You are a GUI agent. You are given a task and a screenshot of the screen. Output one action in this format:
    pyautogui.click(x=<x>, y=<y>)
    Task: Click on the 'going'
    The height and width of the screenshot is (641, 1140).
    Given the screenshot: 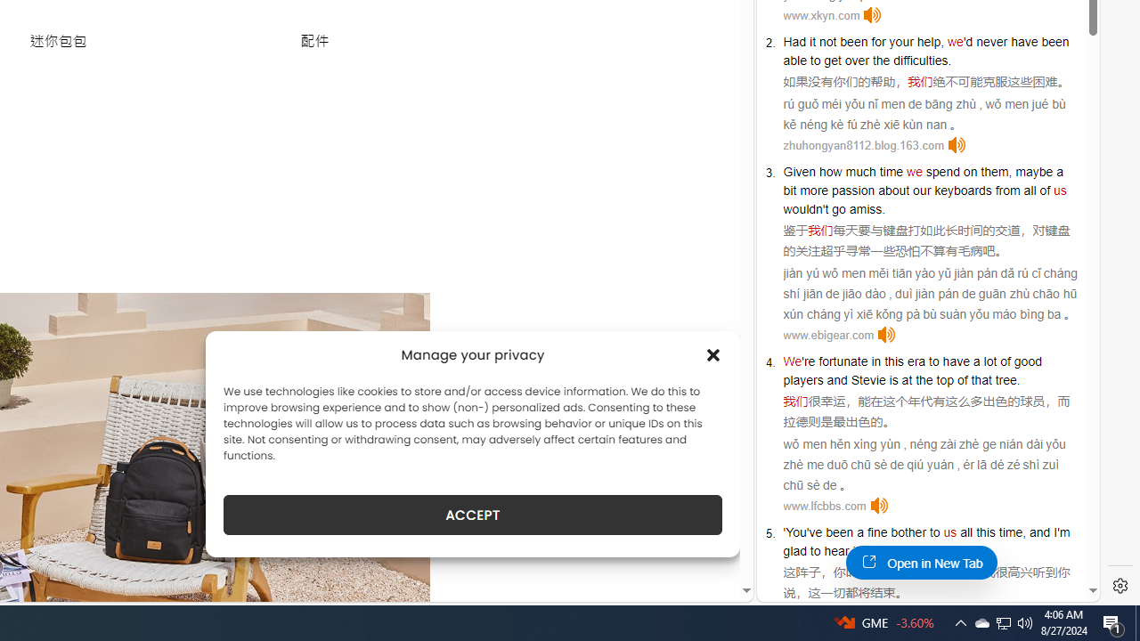 What is the action you would take?
    pyautogui.click(x=885, y=550)
    